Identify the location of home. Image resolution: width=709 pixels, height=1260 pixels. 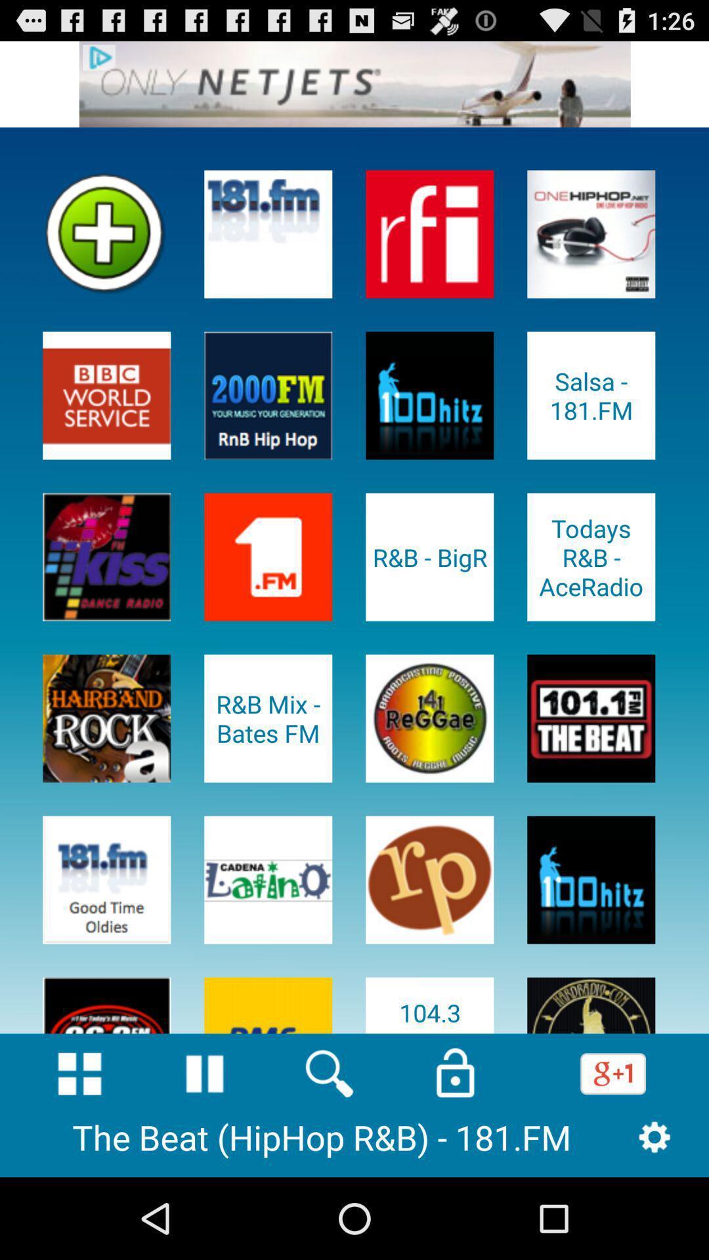
(79, 1074).